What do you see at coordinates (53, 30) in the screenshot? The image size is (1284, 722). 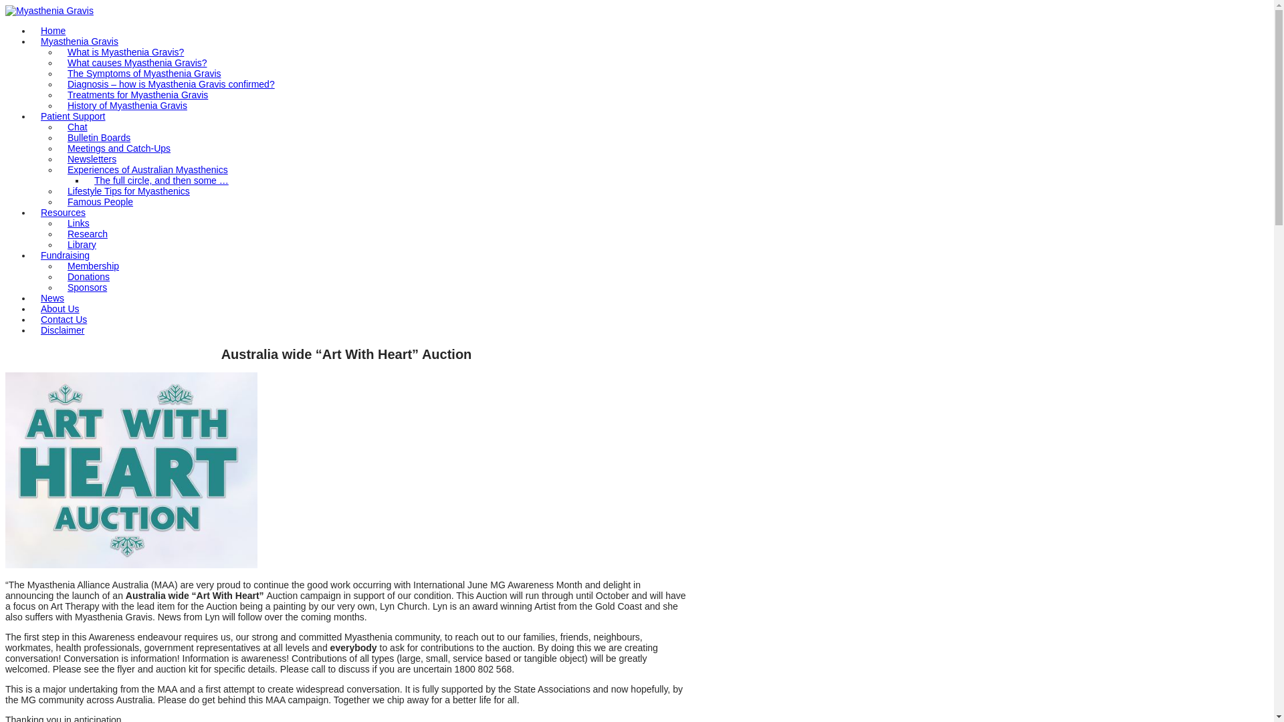 I see `'Home'` at bounding box center [53, 30].